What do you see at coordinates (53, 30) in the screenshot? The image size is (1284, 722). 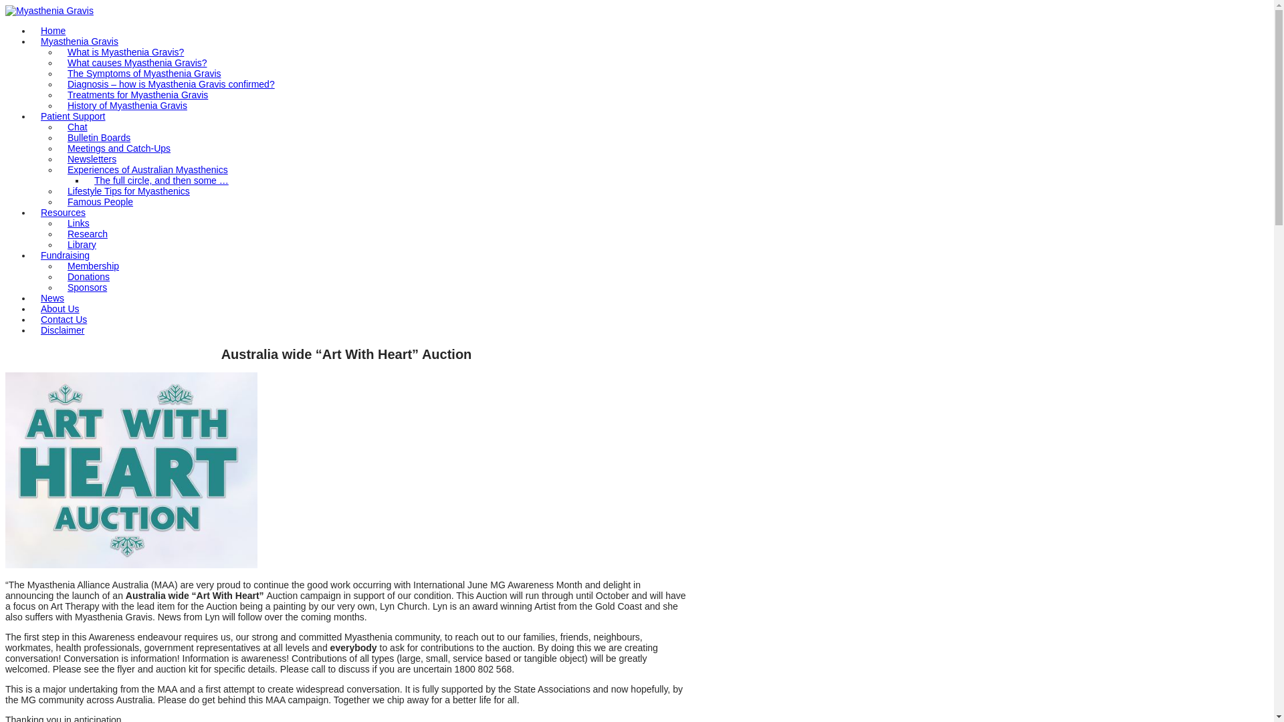 I see `'Home'` at bounding box center [53, 30].